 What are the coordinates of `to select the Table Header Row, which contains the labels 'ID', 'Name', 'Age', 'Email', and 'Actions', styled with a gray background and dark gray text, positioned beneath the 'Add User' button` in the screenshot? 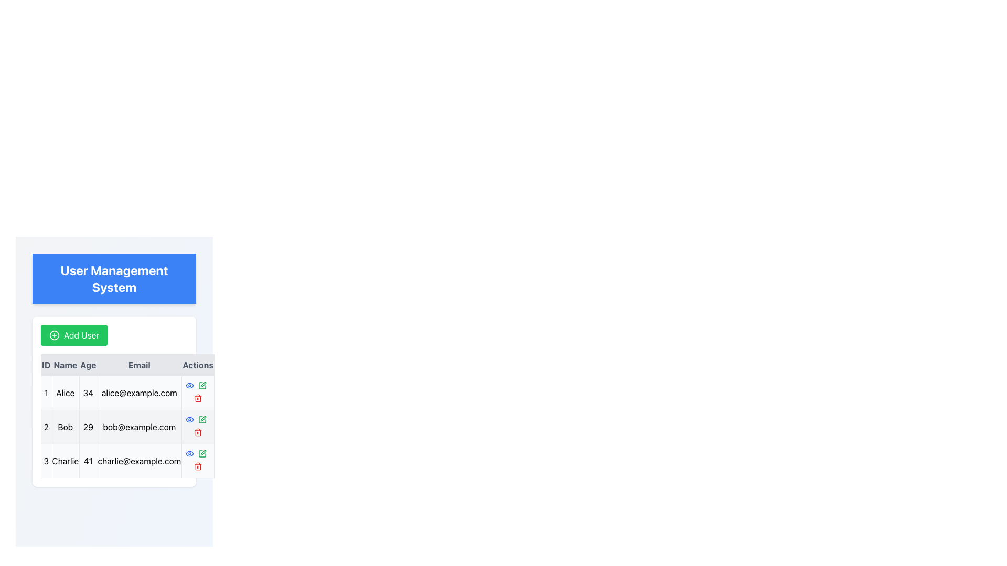 It's located at (127, 365).